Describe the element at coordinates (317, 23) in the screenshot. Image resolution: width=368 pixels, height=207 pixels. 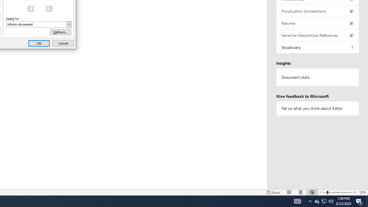
I see `'Resume, 0 issues. Press space or enter to review items.'` at that location.